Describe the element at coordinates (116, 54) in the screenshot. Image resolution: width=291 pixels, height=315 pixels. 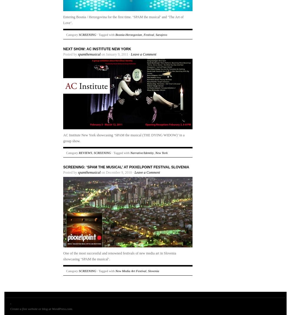
I see `'on January 9, 2011 ·'` at that location.